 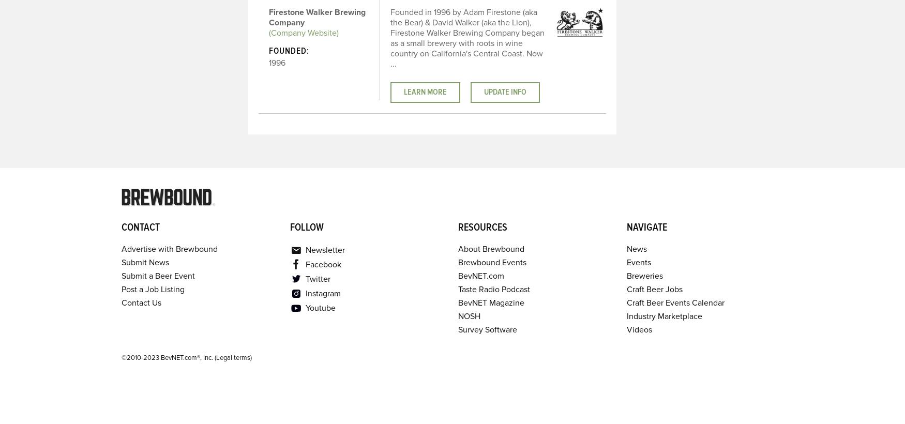 I want to click on 'Youtube', so click(x=305, y=308).